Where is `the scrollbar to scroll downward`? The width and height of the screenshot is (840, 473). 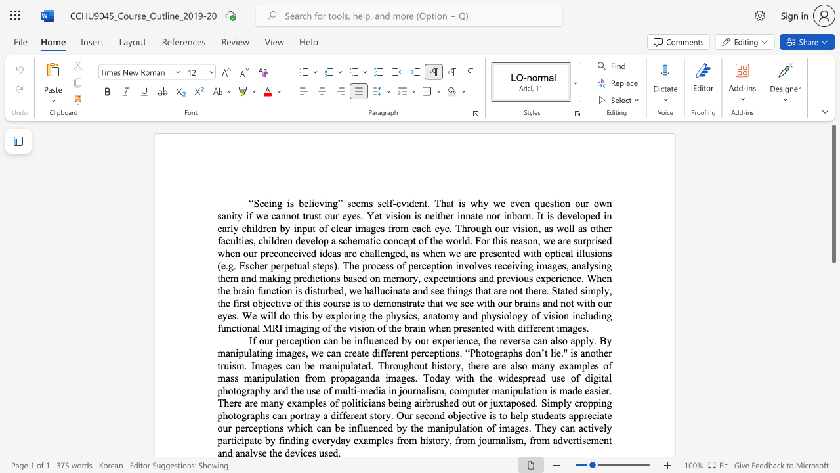
the scrollbar to scroll downward is located at coordinates (833, 406).